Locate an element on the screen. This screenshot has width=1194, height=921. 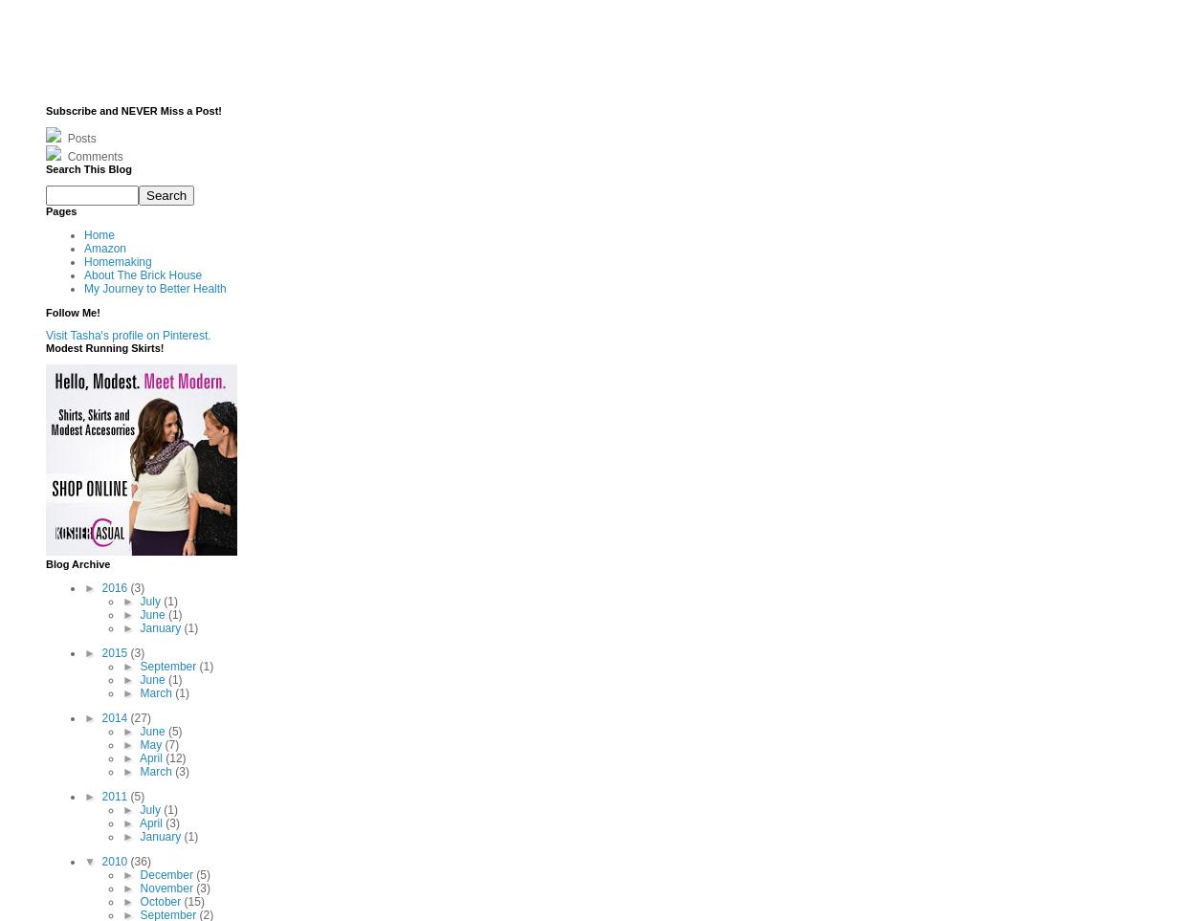
'Subscribe and NEVER Miss a Post!' is located at coordinates (134, 108).